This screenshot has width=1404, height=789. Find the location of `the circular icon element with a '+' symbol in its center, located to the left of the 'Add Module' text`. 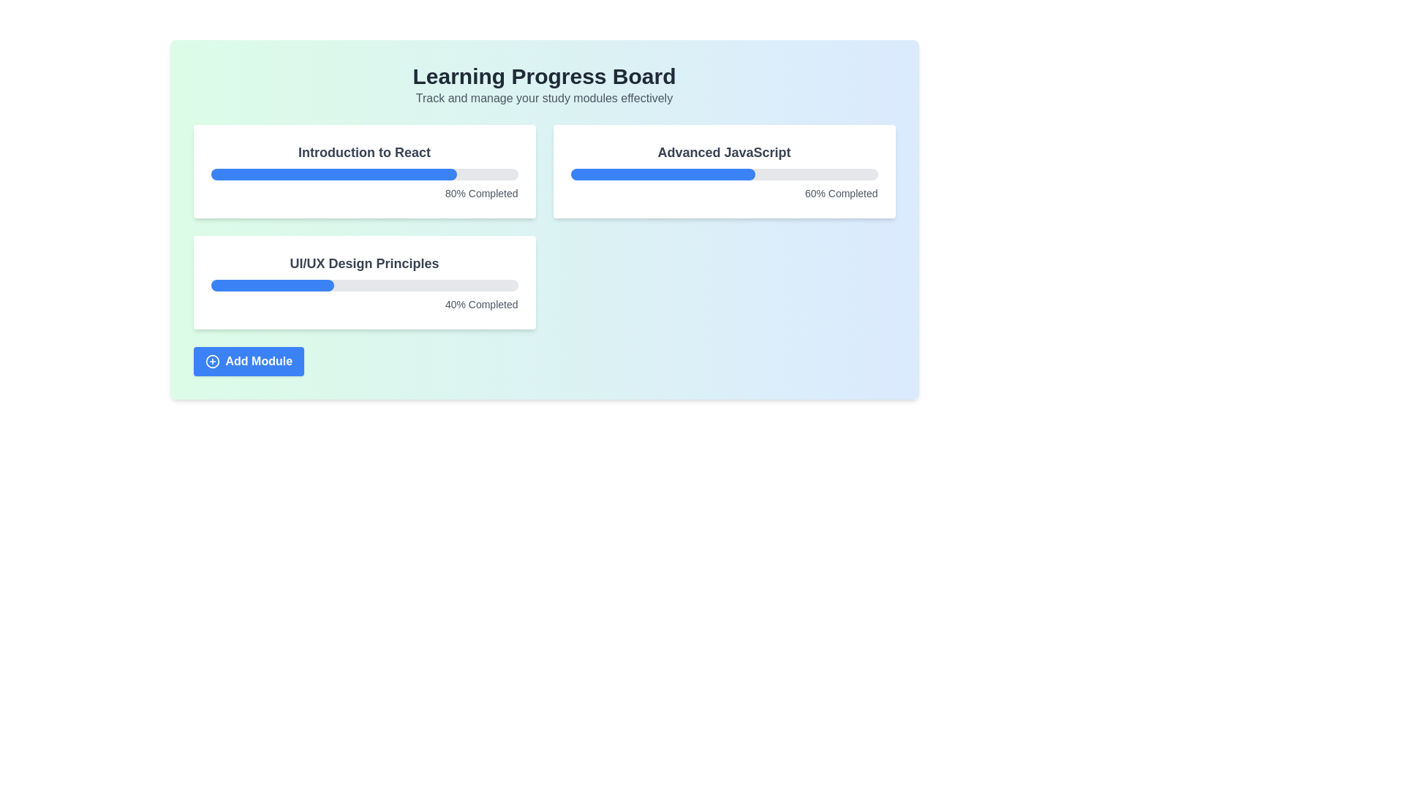

the circular icon element with a '+' symbol in its center, located to the left of the 'Add Module' text is located at coordinates (211, 361).